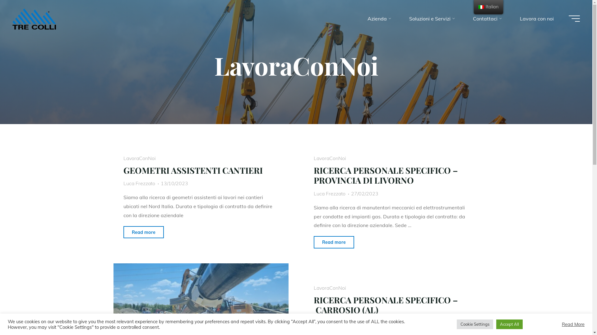 The width and height of the screenshot is (597, 335). I want to click on 'Impresa Tre Colli S.p.A.', so click(34, 18).